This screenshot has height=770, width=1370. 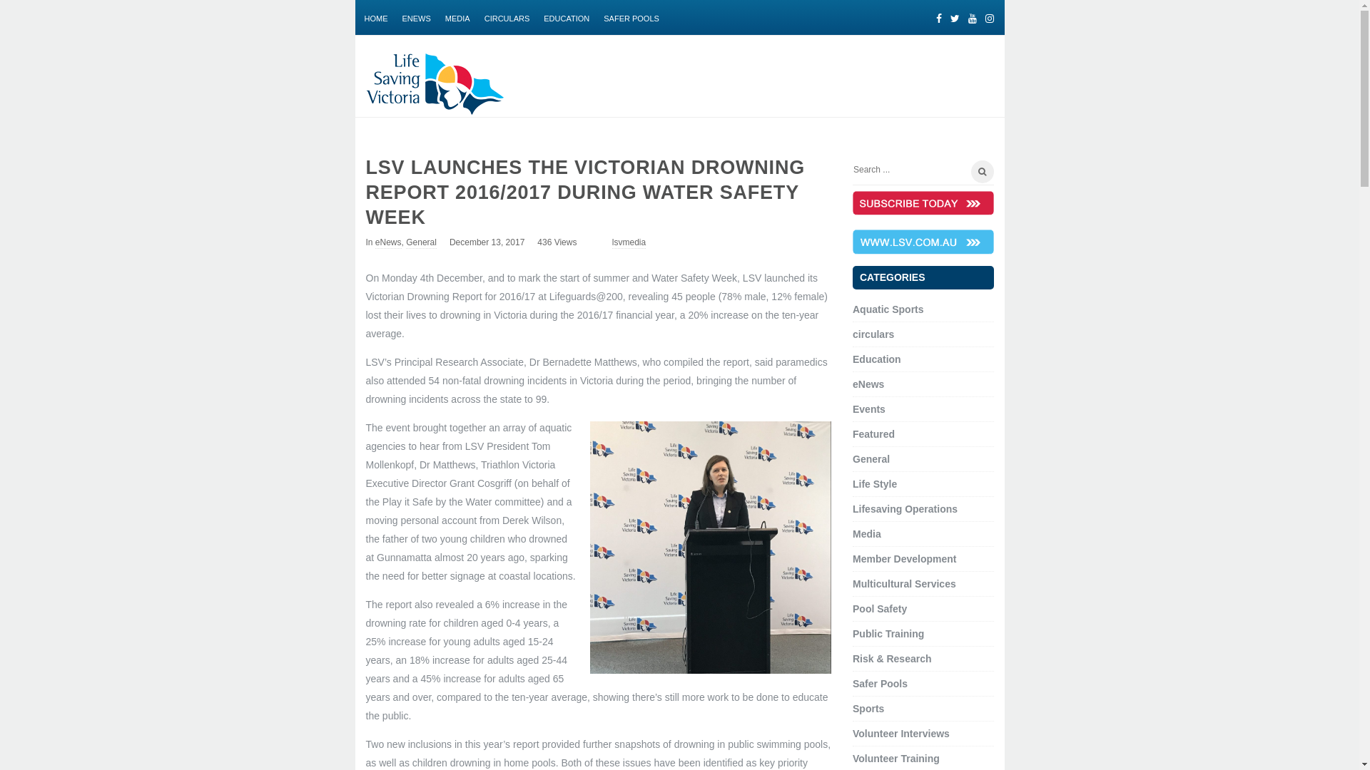 I want to click on 'HOME', so click(x=375, y=17).